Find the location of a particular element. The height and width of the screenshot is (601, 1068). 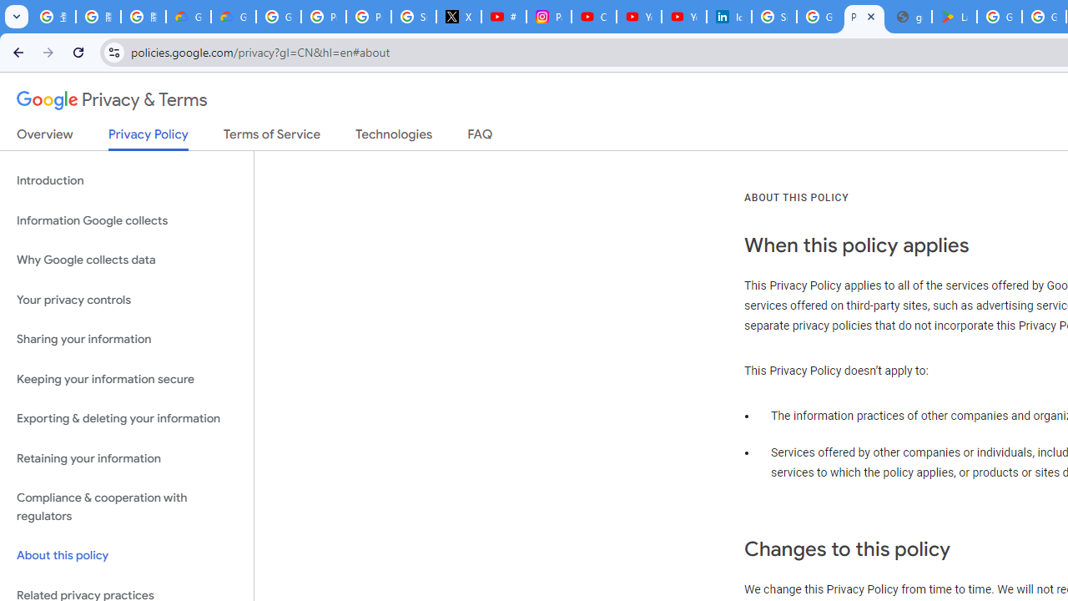

'Technologies' is located at coordinates (393, 137).